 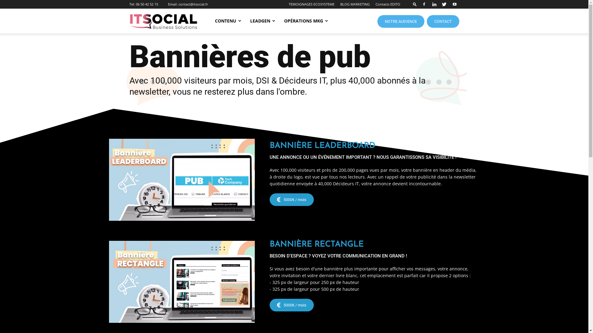 I want to click on 'Linkedin', so click(x=429, y=4).